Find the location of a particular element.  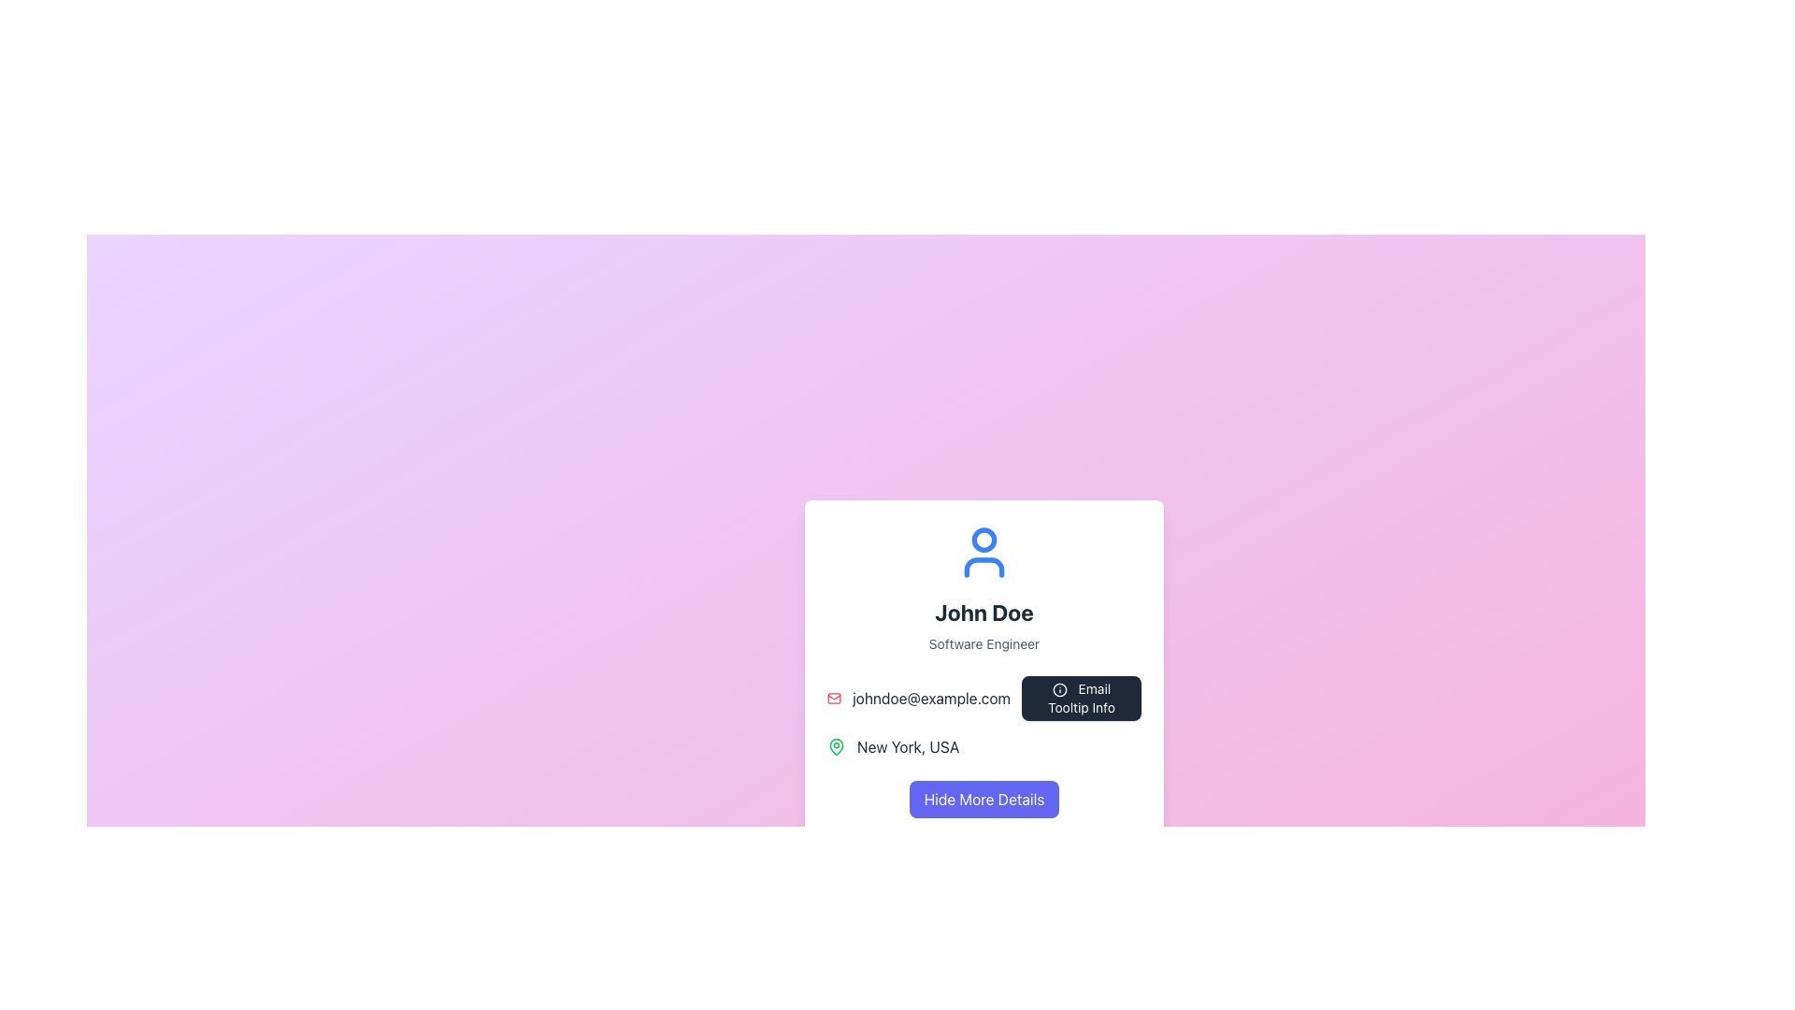

the static text label displaying 'Software Engineer', which is the second text label below the icon and under the main title 'John Doe' within the user's profile card is located at coordinates (983, 643).